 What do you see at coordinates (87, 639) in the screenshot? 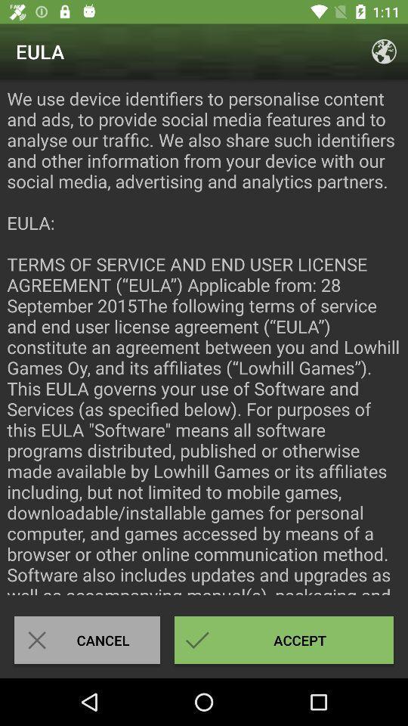
I see `the item next to accept` at bounding box center [87, 639].